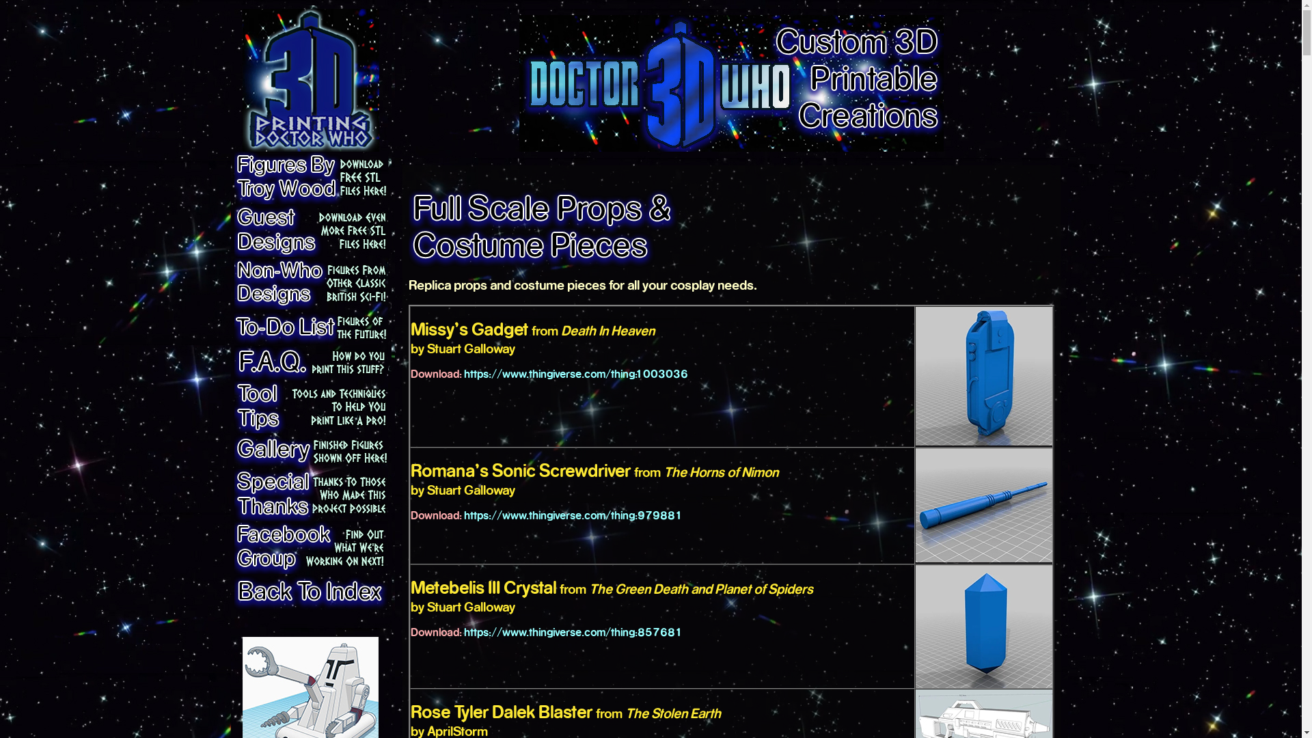 The image size is (1312, 738). Describe the element at coordinates (573, 631) in the screenshot. I see `'https://www.thingiverse.com/thing:857681'` at that location.